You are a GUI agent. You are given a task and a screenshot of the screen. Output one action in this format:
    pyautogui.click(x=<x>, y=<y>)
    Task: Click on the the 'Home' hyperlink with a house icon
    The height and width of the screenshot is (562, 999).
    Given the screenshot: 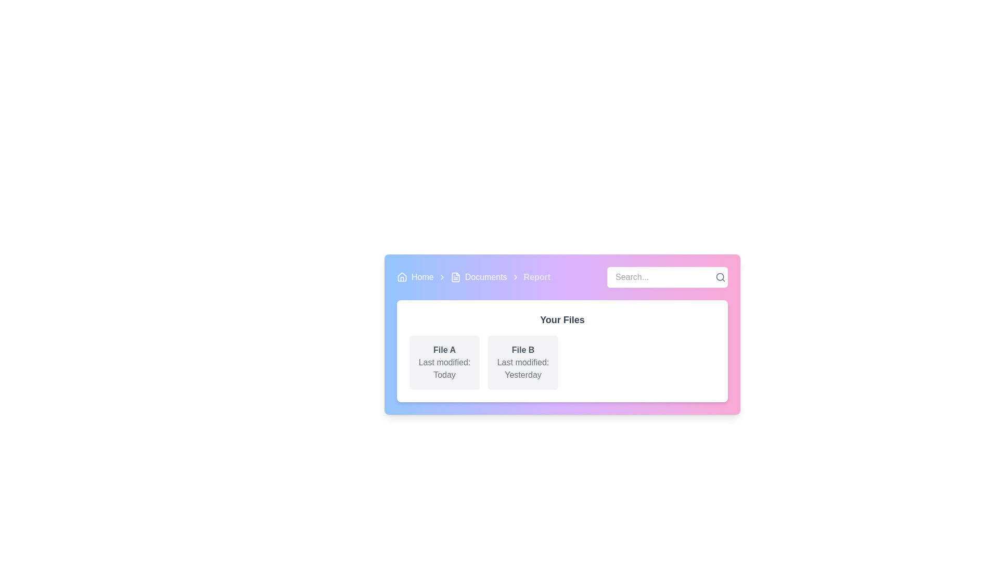 What is the action you would take?
    pyautogui.click(x=415, y=276)
    